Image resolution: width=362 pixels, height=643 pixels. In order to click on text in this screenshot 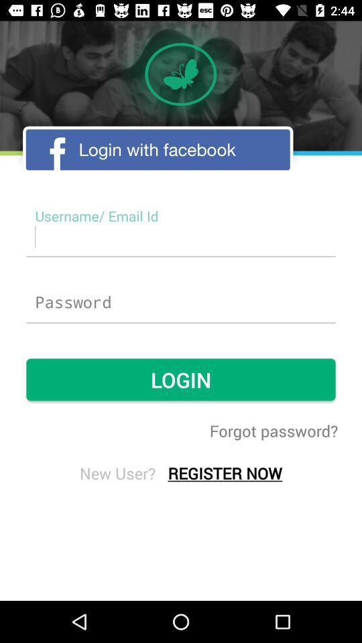, I will do `click(181, 236)`.